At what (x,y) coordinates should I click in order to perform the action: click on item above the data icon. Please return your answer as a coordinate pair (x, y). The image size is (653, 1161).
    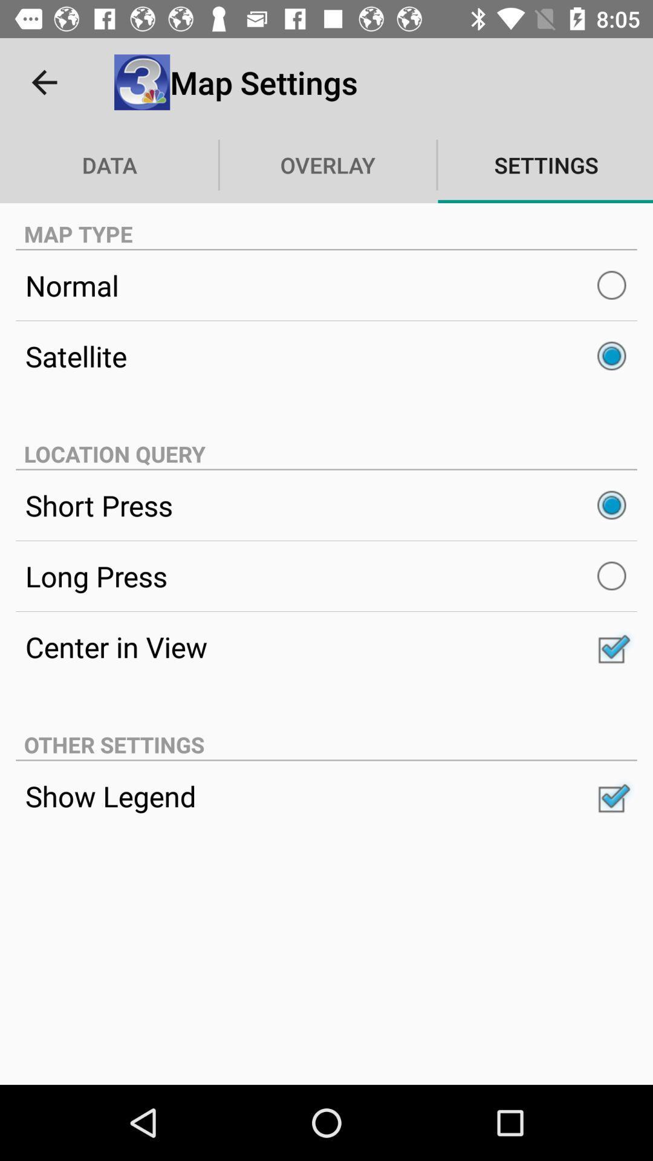
    Looking at the image, I should click on (44, 82).